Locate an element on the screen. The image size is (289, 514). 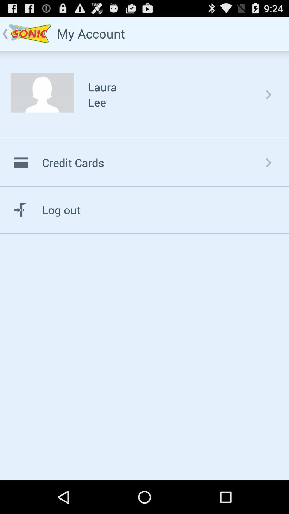
arrow pointing towards right is located at coordinates (268, 95).